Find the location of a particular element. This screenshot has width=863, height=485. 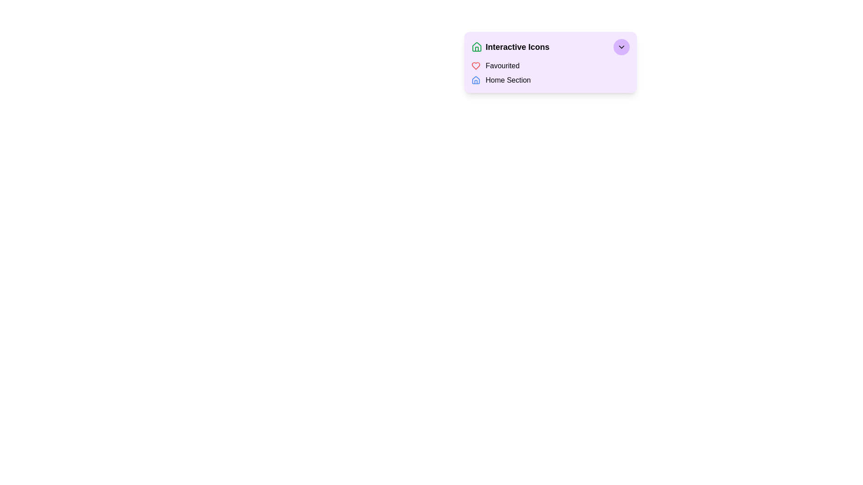

the text label 'Favourited' which is styled in black and positioned next to a heart icon is located at coordinates (502, 65).